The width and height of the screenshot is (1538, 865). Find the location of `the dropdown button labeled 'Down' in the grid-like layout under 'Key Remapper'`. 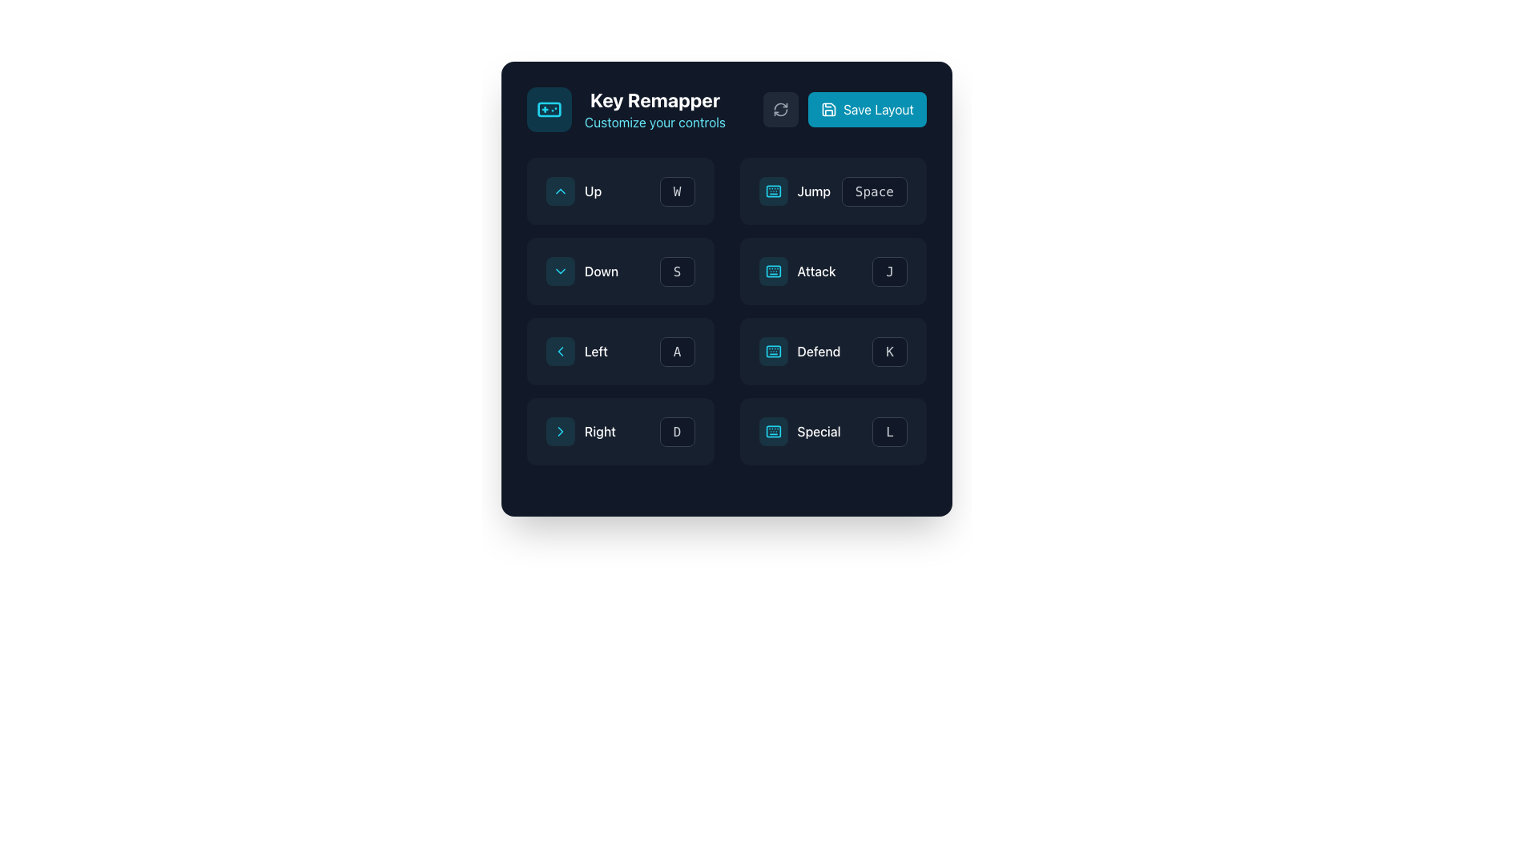

the dropdown button labeled 'Down' in the grid-like layout under 'Key Remapper' is located at coordinates (619, 271).